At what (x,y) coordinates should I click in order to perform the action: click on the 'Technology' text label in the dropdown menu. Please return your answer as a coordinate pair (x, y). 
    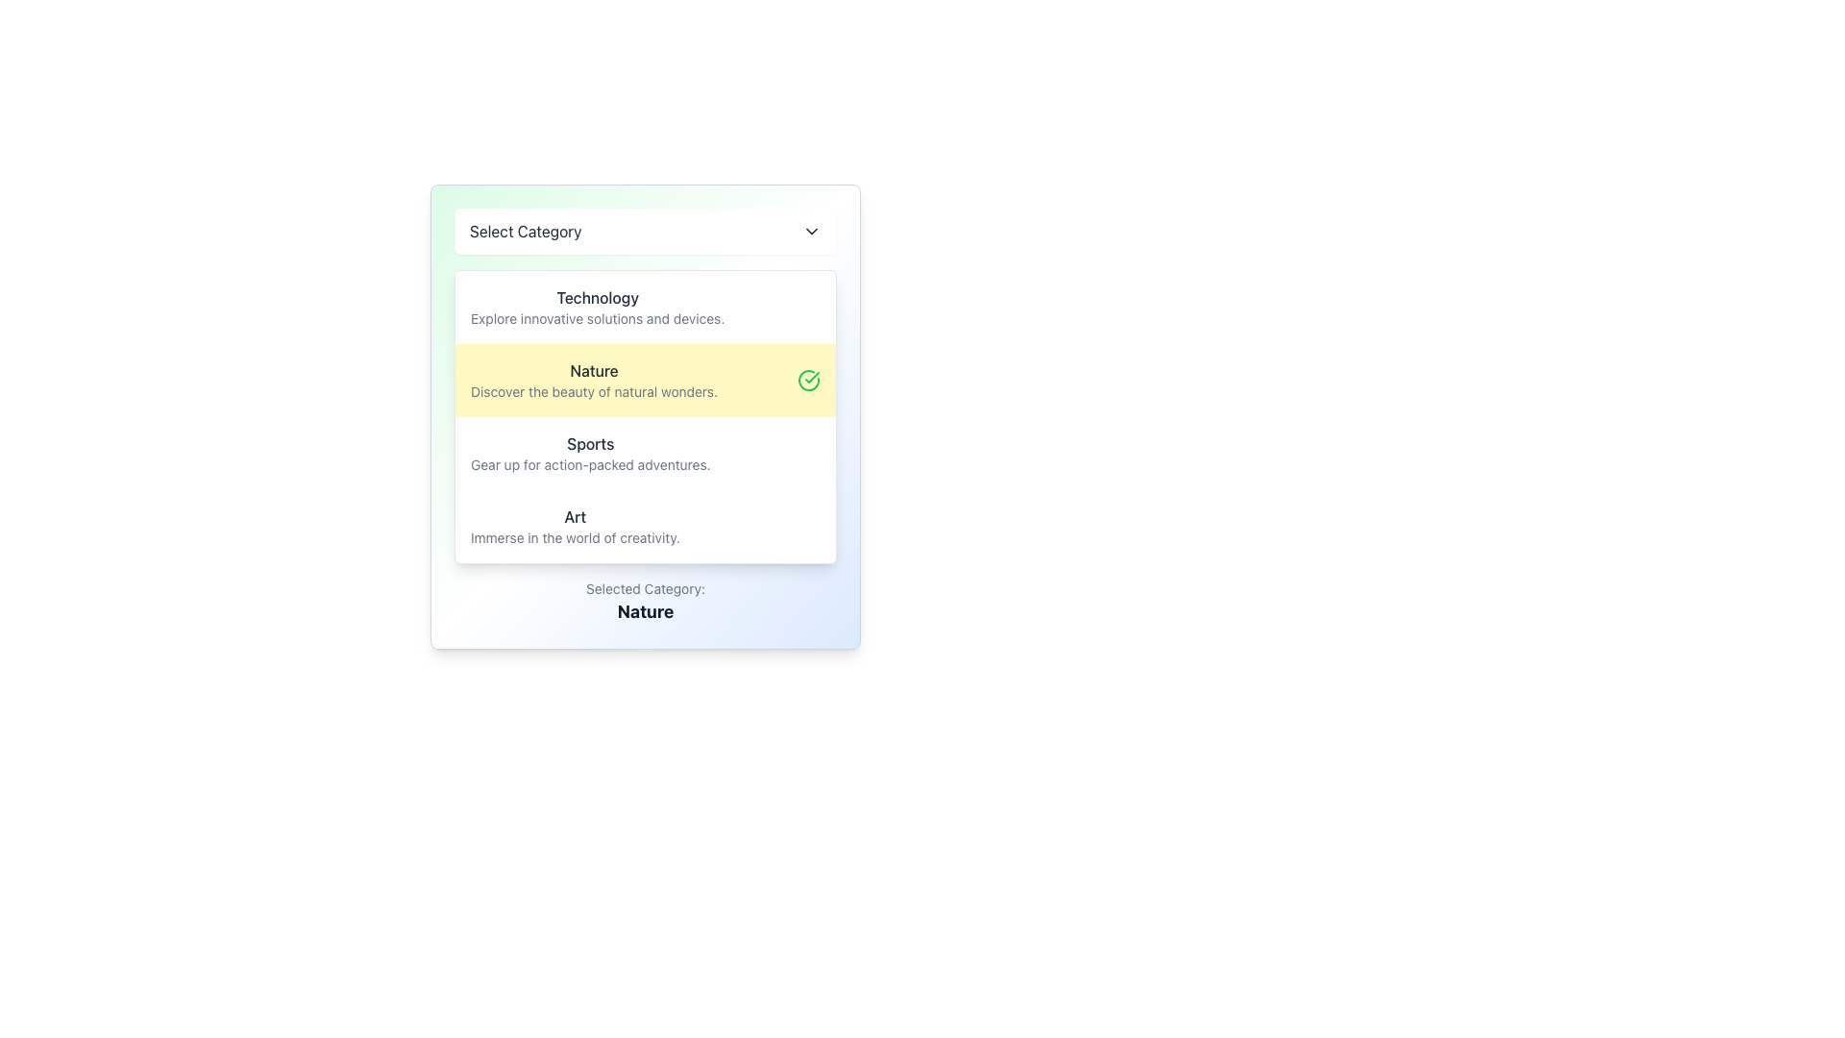
    Looking at the image, I should click on (597, 307).